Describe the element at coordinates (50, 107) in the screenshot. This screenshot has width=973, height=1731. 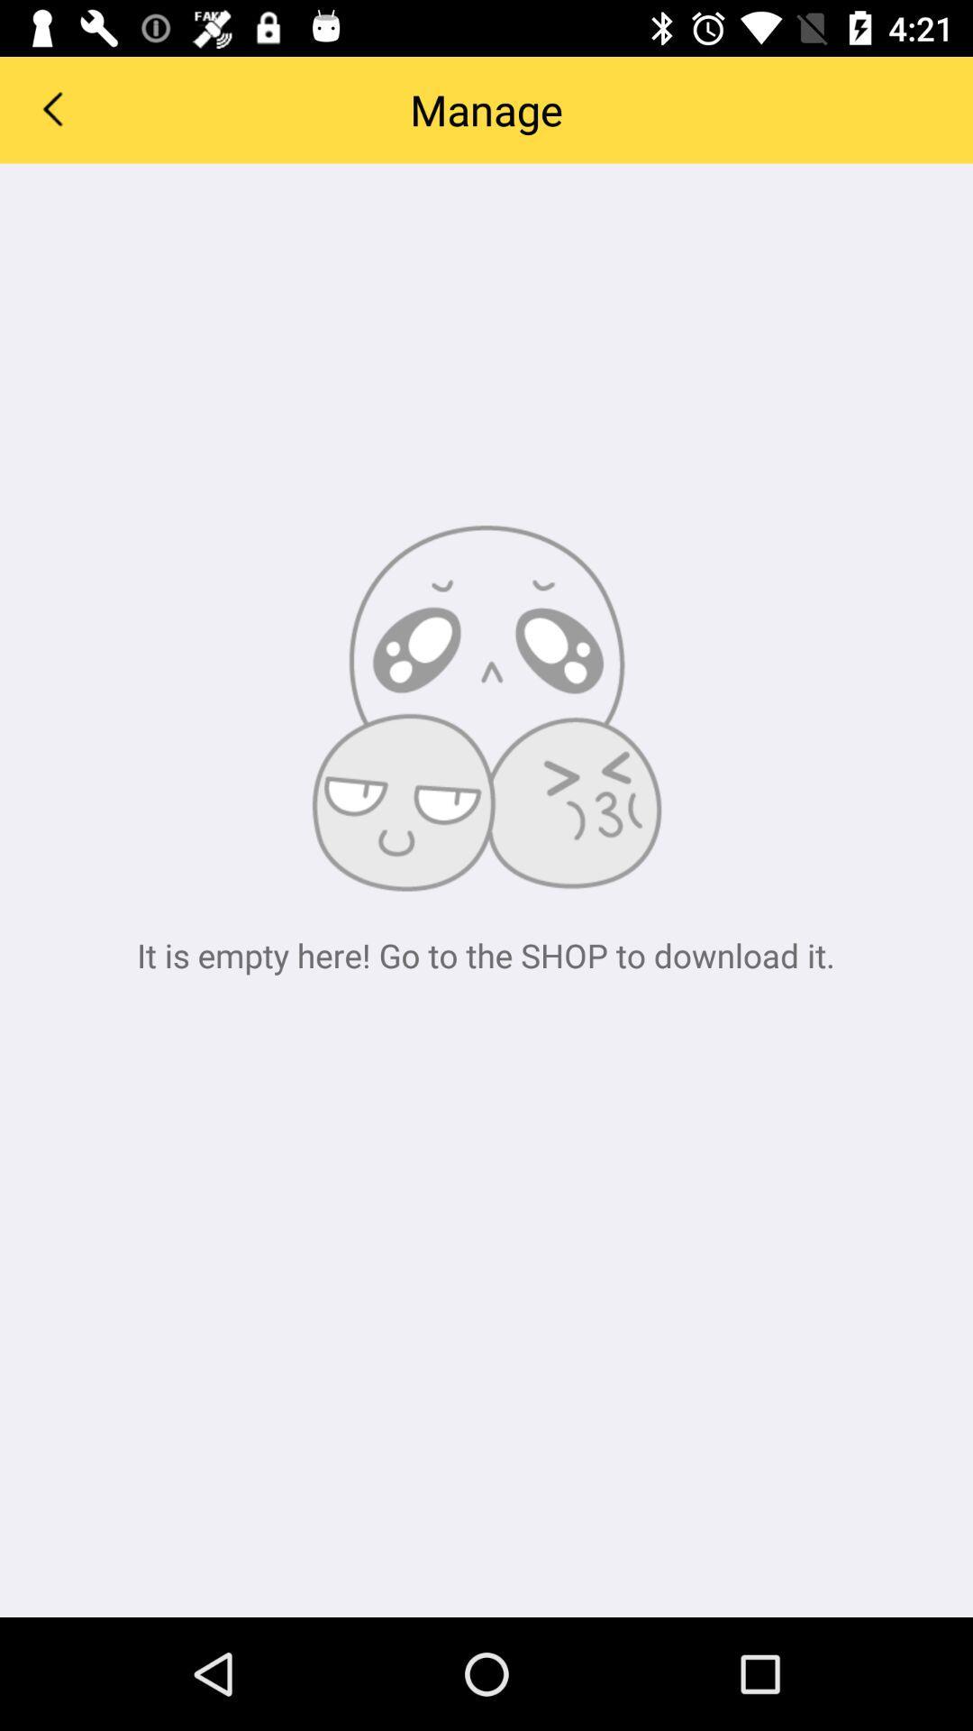
I see `the icon to the left of manage item` at that location.